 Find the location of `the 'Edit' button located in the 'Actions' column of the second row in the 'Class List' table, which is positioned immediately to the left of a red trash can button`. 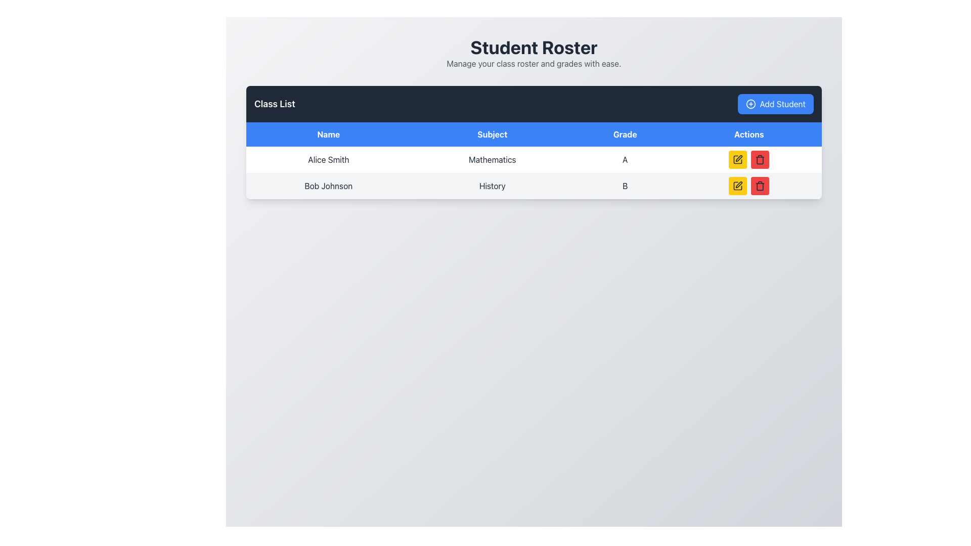

the 'Edit' button located in the 'Actions' column of the second row in the 'Class List' table, which is positioned immediately to the left of a red trash can button is located at coordinates (738, 186).